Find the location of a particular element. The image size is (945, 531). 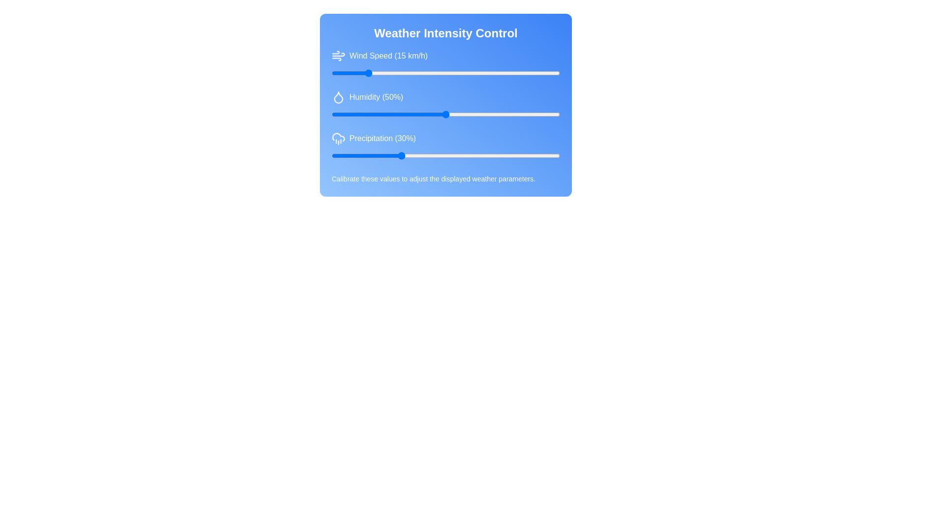

and drag the 'Wind Speed' slider located below the 'Wind Speed (15 km/h)' label to adjust the value is located at coordinates (445, 73).